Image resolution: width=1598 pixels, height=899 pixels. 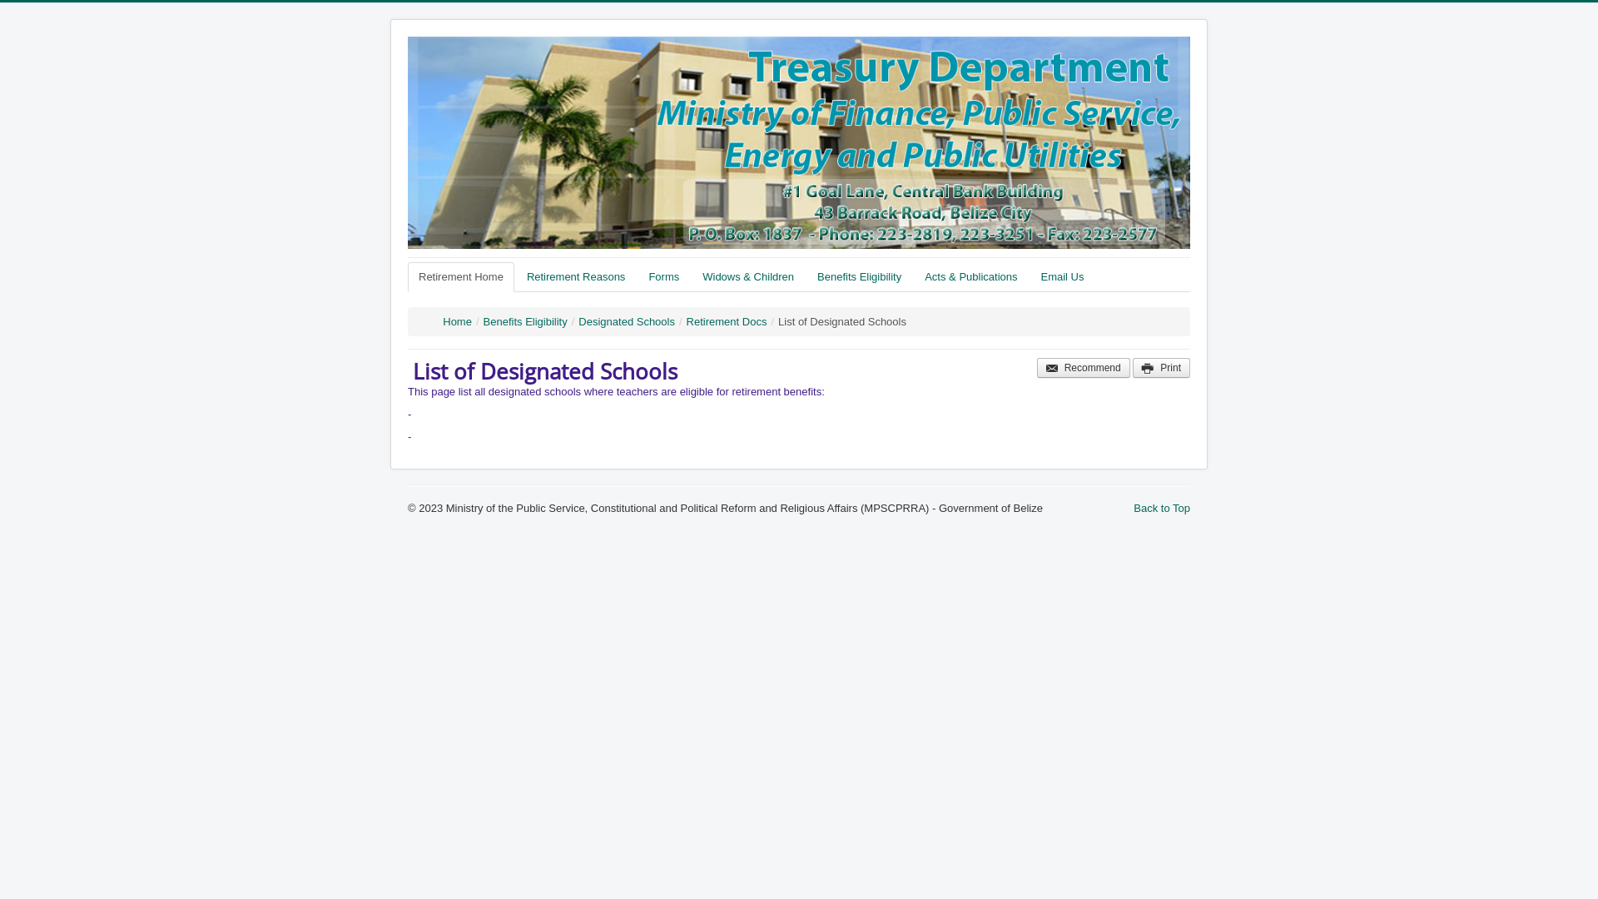 What do you see at coordinates (626, 321) in the screenshot?
I see `'Designated Schools'` at bounding box center [626, 321].